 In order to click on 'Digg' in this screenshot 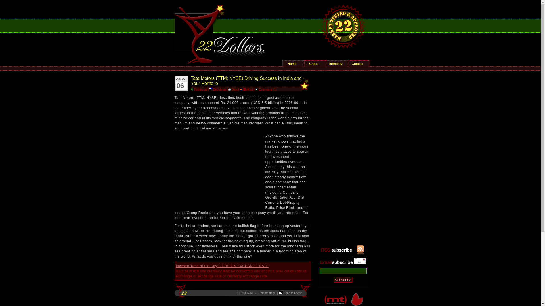, I will do `click(228, 89)`.